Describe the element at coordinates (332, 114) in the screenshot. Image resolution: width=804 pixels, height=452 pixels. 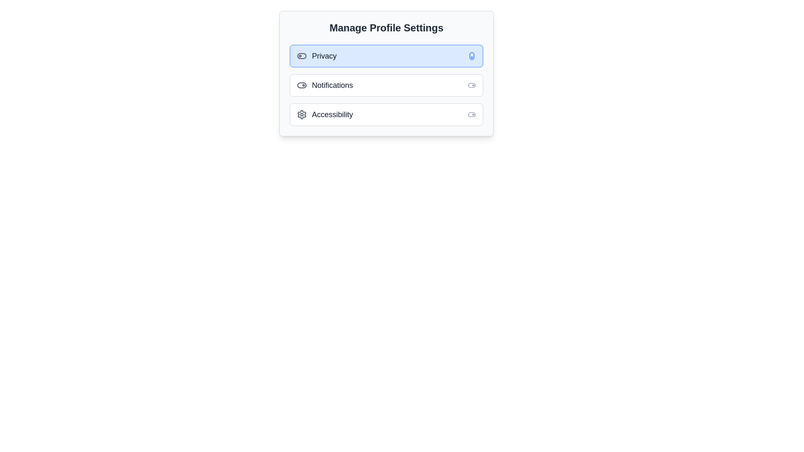
I see `the text label that displays 'Accessibility', which is aligned to the right of a gear icon and is the third item in the vertical settings list under 'Manage Profile Settings'` at that location.